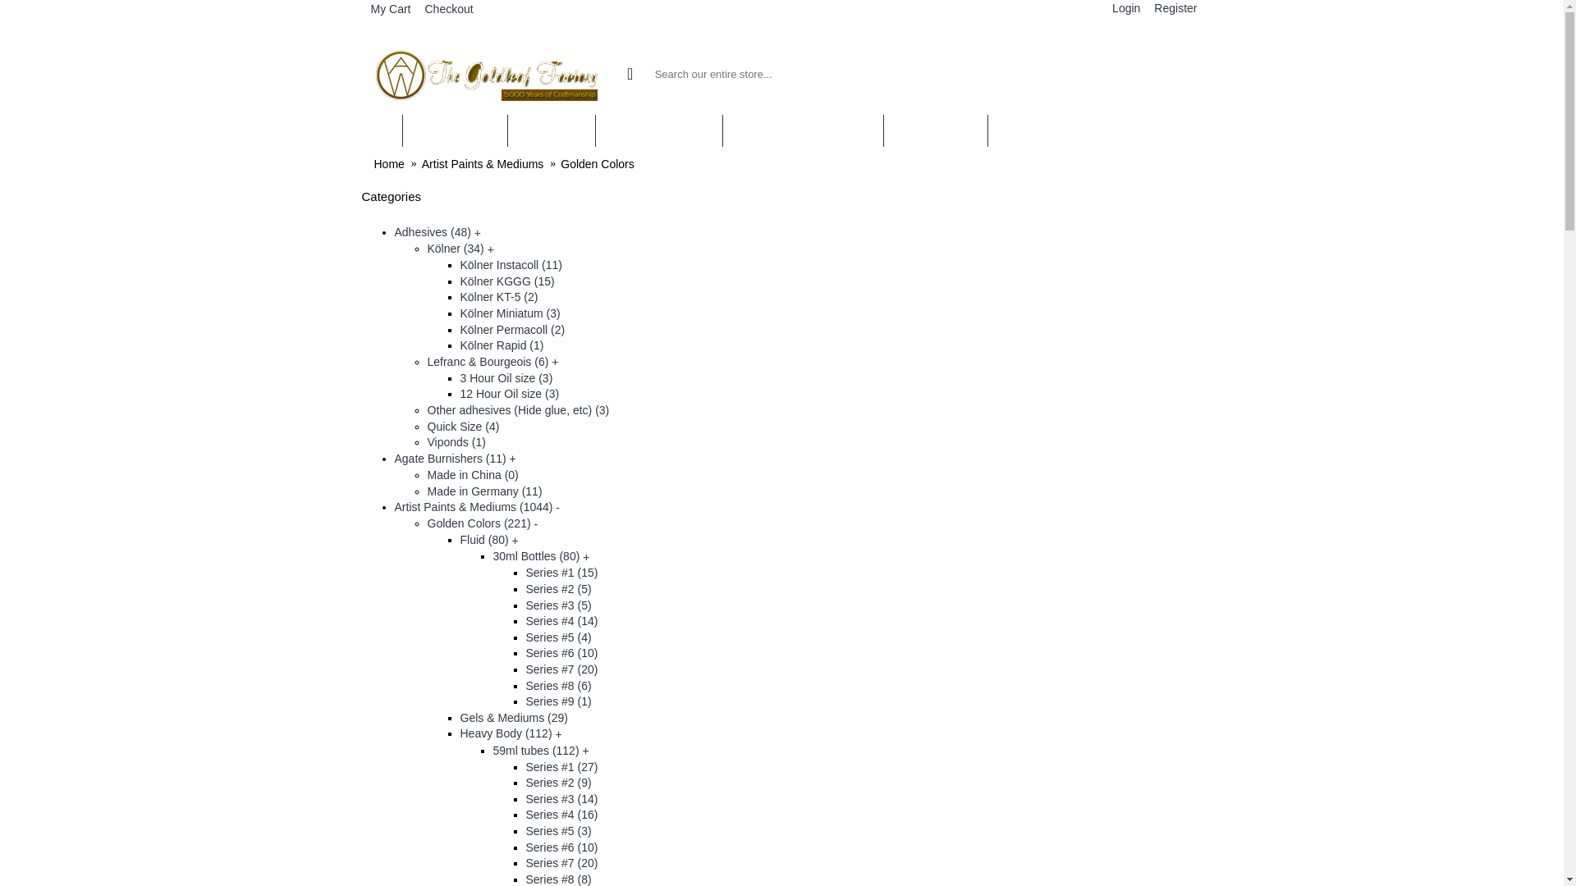 Image resolution: width=1576 pixels, height=886 pixels. Describe the element at coordinates (510, 733) in the screenshot. I see `'Heavy Body (112) +'` at that location.